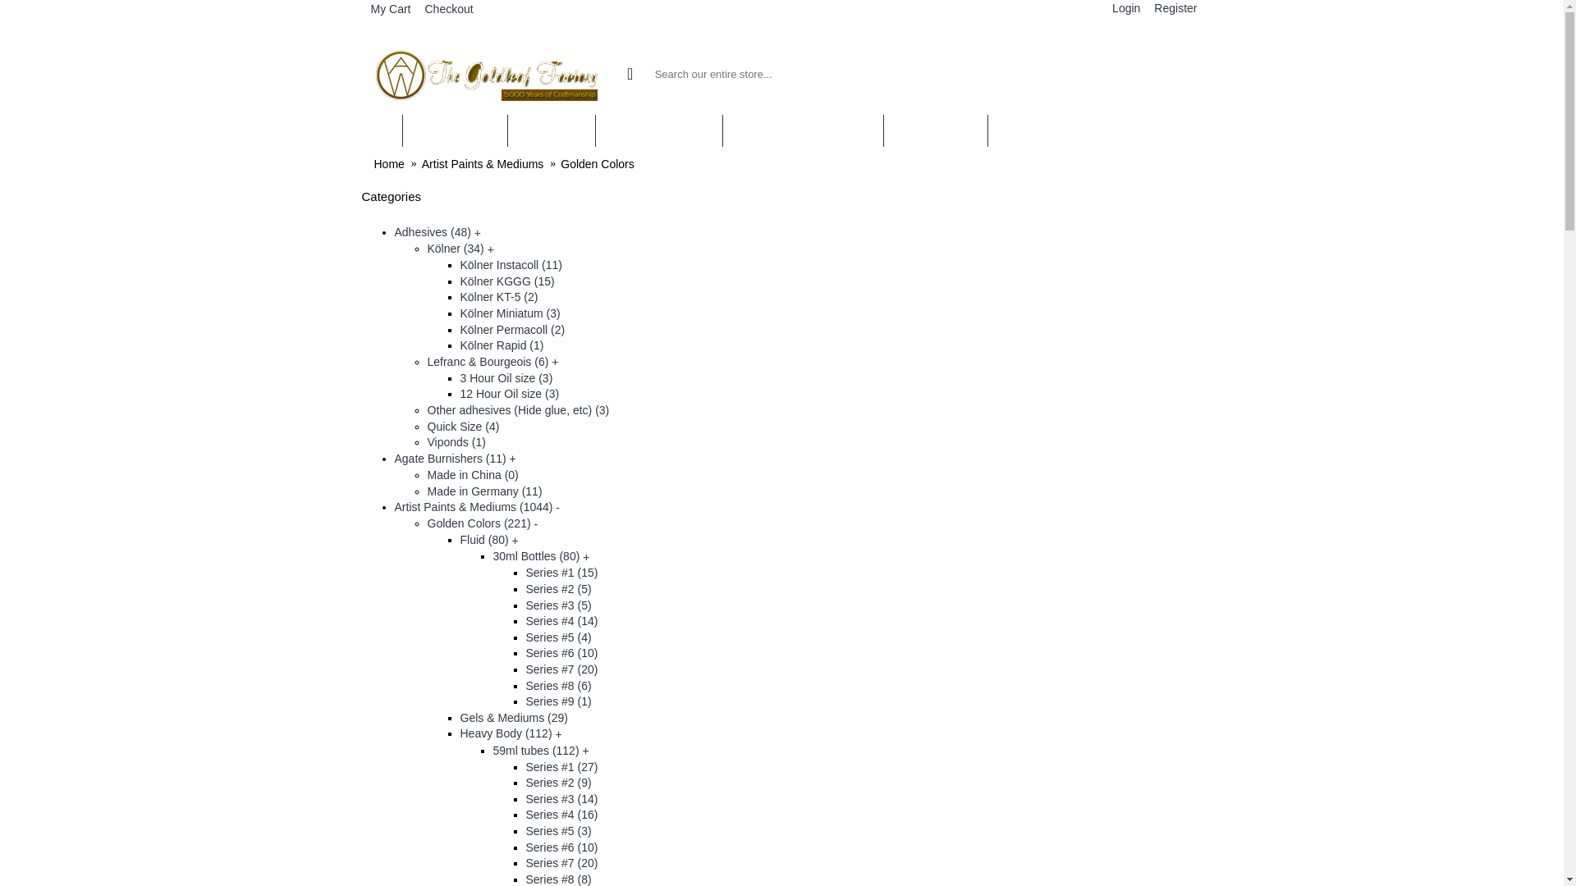 Image resolution: width=1576 pixels, height=886 pixels. Describe the element at coordinates (510, 733) in the screenshot. I see `'Heavy Body (112) +'` at that location.